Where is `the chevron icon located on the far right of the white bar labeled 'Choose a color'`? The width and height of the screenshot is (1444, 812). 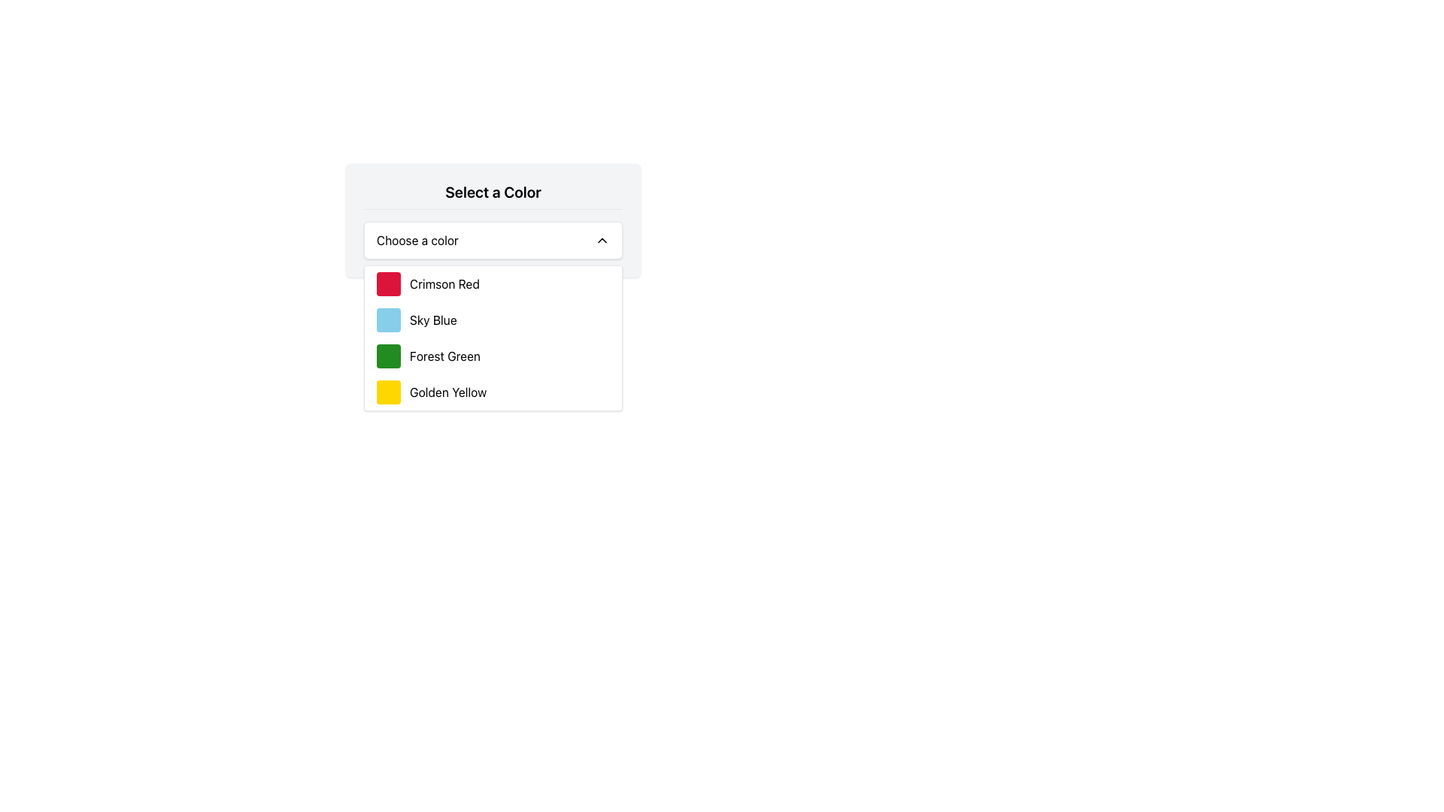 the chevron icon located on the far right of the white bar labeled 'Choose a color' is located at coordinates (602, 240).